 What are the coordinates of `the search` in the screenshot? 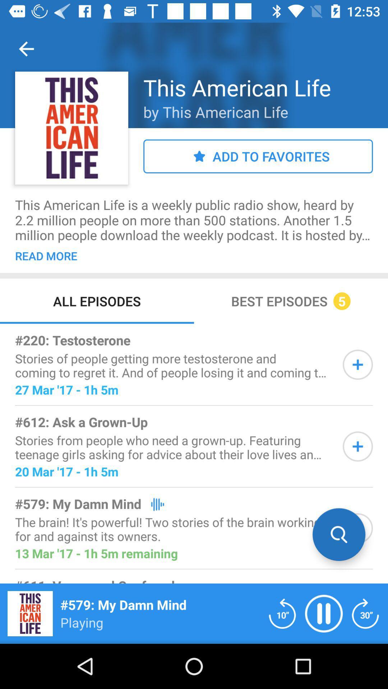 It's located at (357, 528).